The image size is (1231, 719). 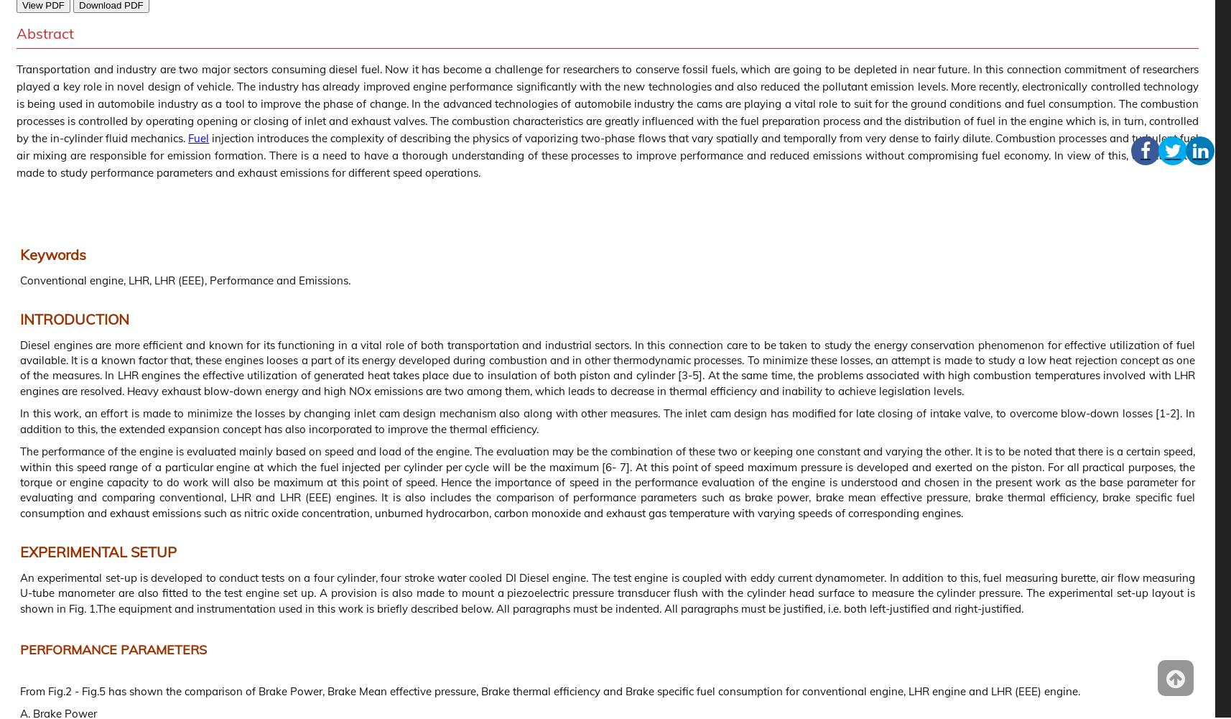 I want to click on 'In this work, an effort is made to minimize the losses by changing inlet cam design mechanism also along with other
measures. The inlet cam design has modified for late closing of intake valve, to overcome blow-down losses [1-2]. In
addition to this, the extended expansion concept has also incorporated to improve the thermal efficiency.', so click(x=608, y=420).